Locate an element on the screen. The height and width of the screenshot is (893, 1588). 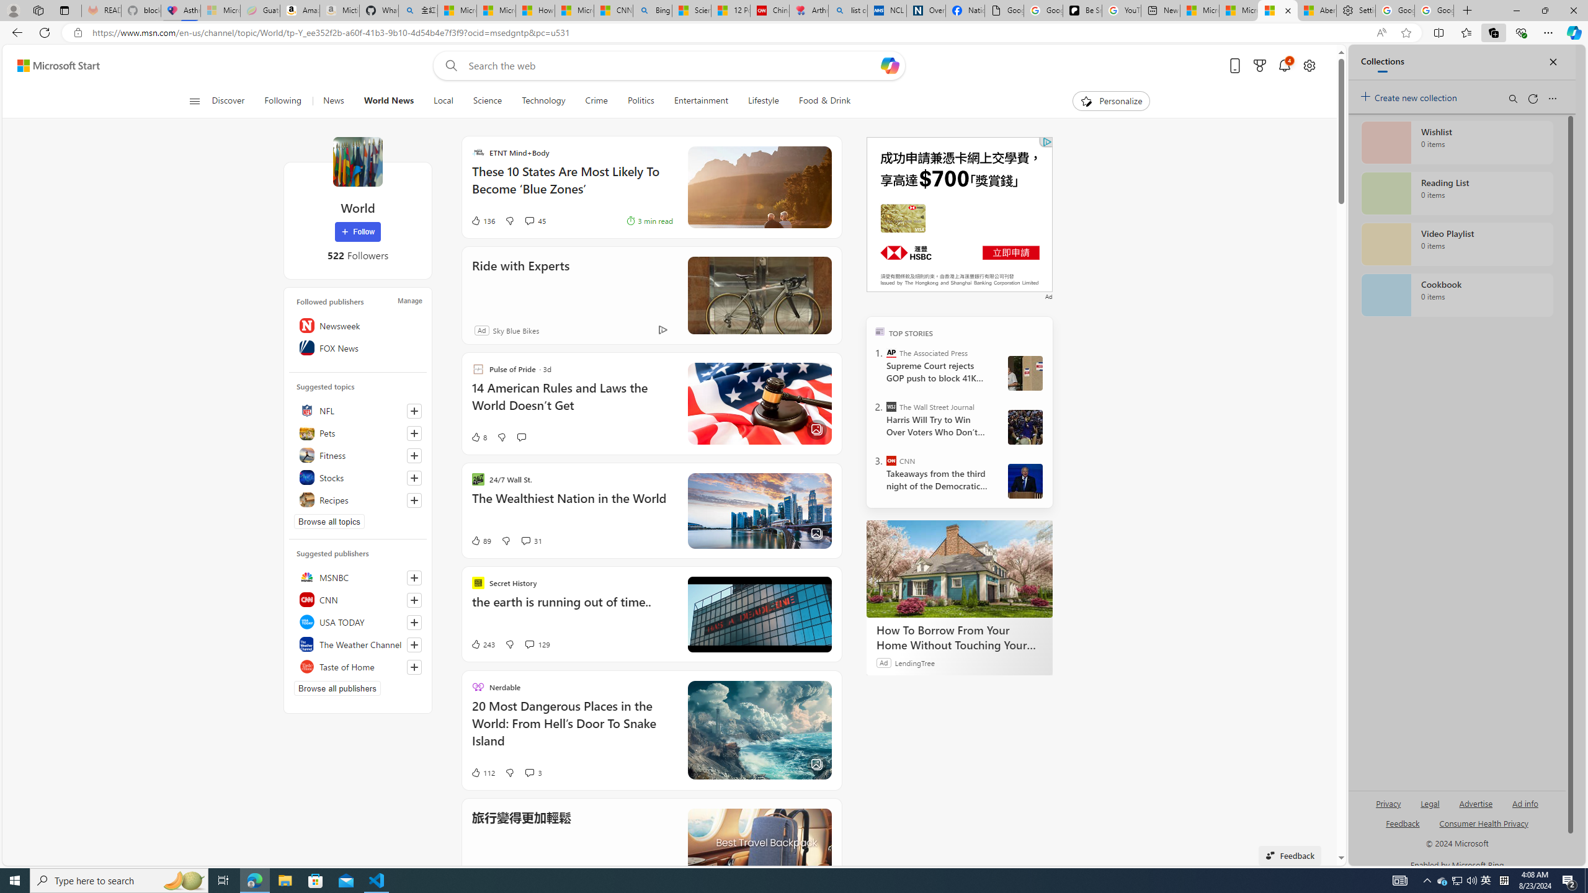
'Manage' is located at coordinates (409, 301).